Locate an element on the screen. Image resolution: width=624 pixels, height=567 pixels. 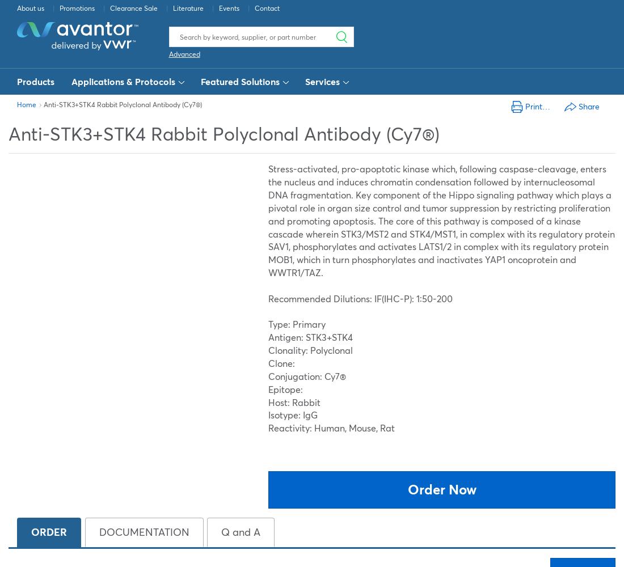
'Antigen: STK3+STK4' is located at coordinates (310, 337).